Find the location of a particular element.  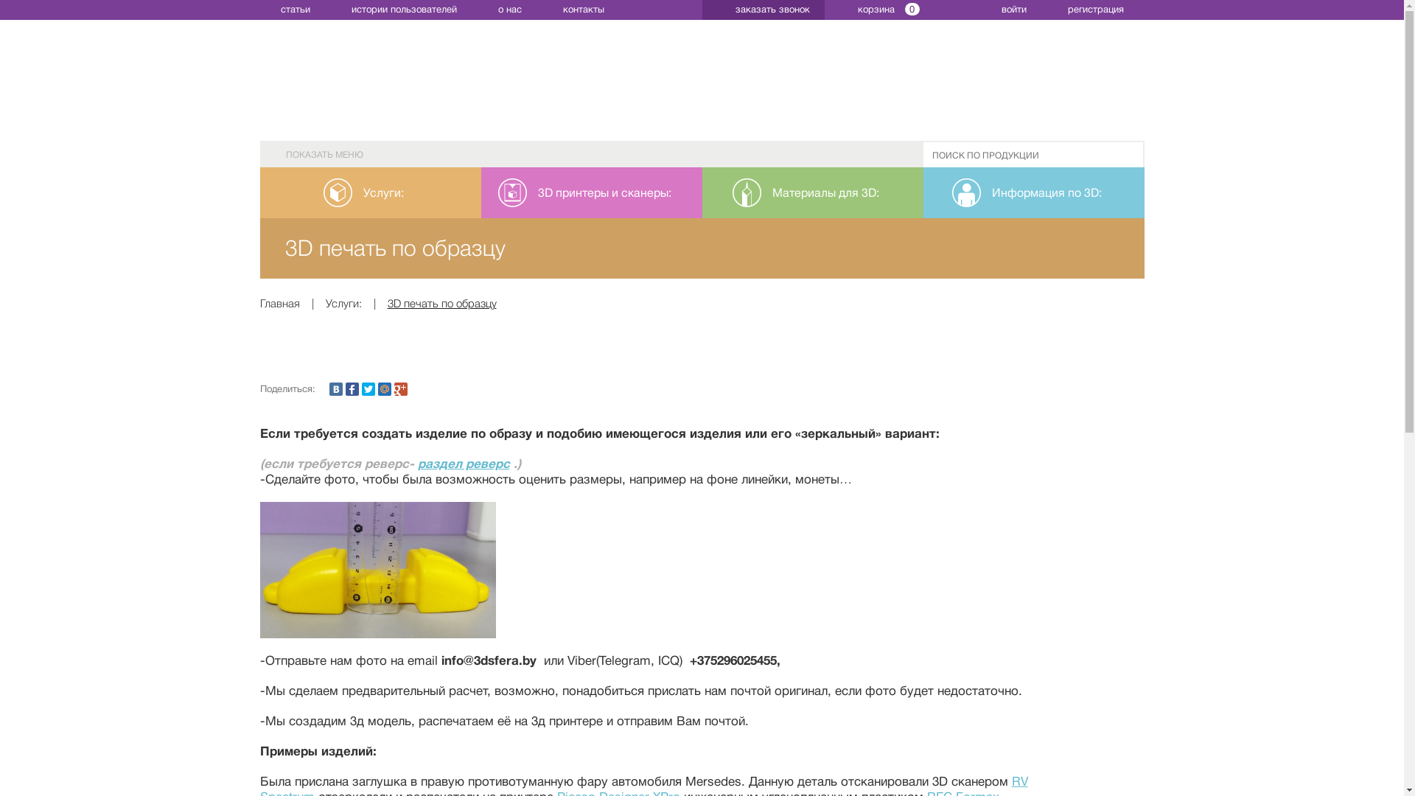

'Google Plus' is located at coordinates (393, 388).